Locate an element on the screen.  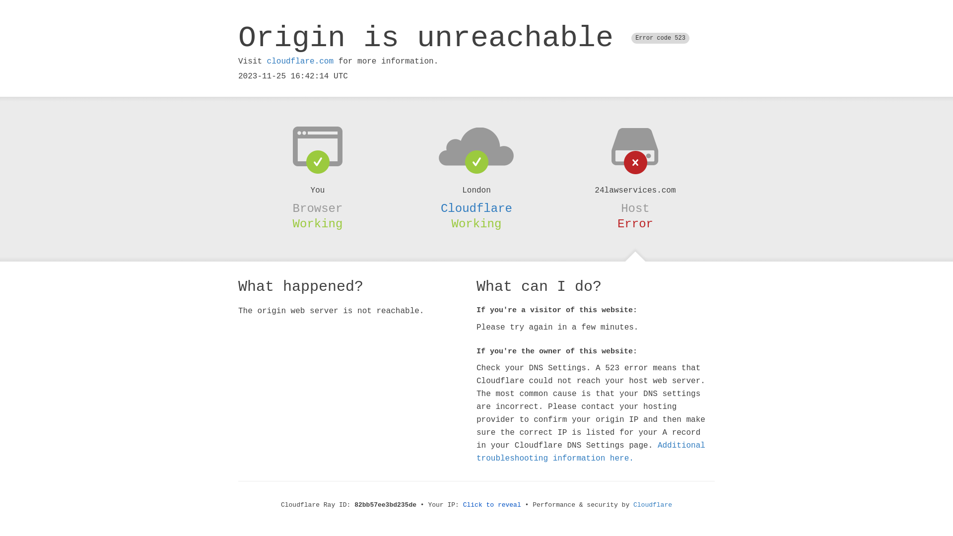
'Click to reveal' is located at coordinates (492, 505).